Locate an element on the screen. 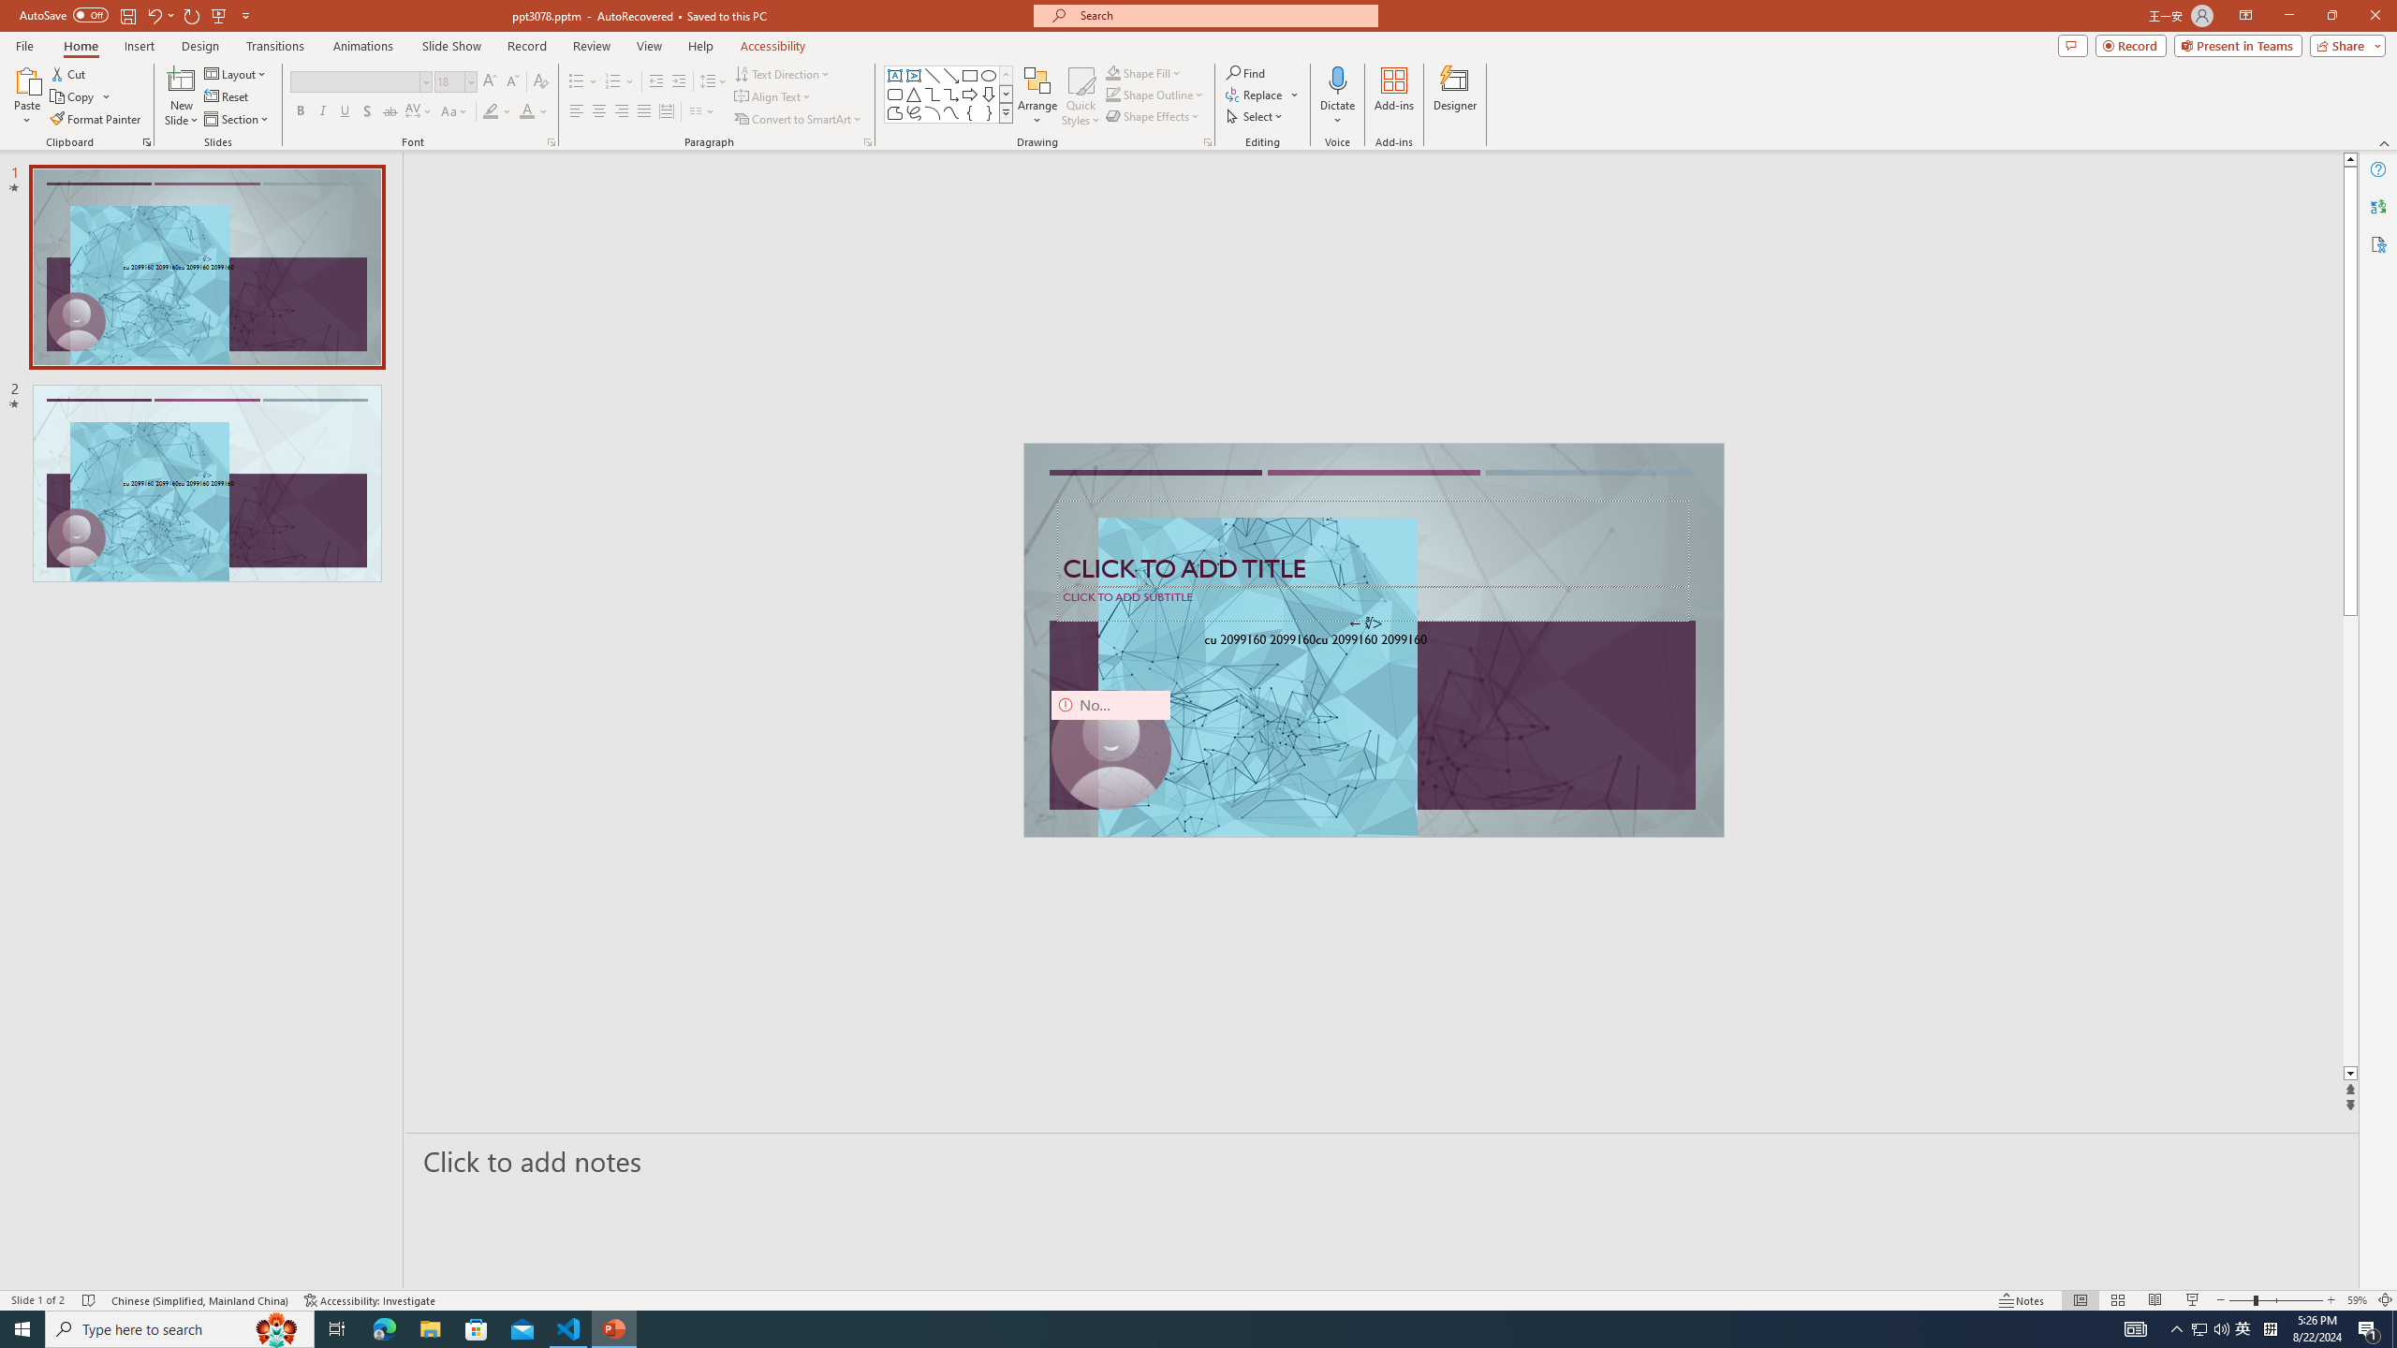 Image resolution: width=2397 pixels, height=1348 pixels. 'Select' is located at coordinates (1256, 114).